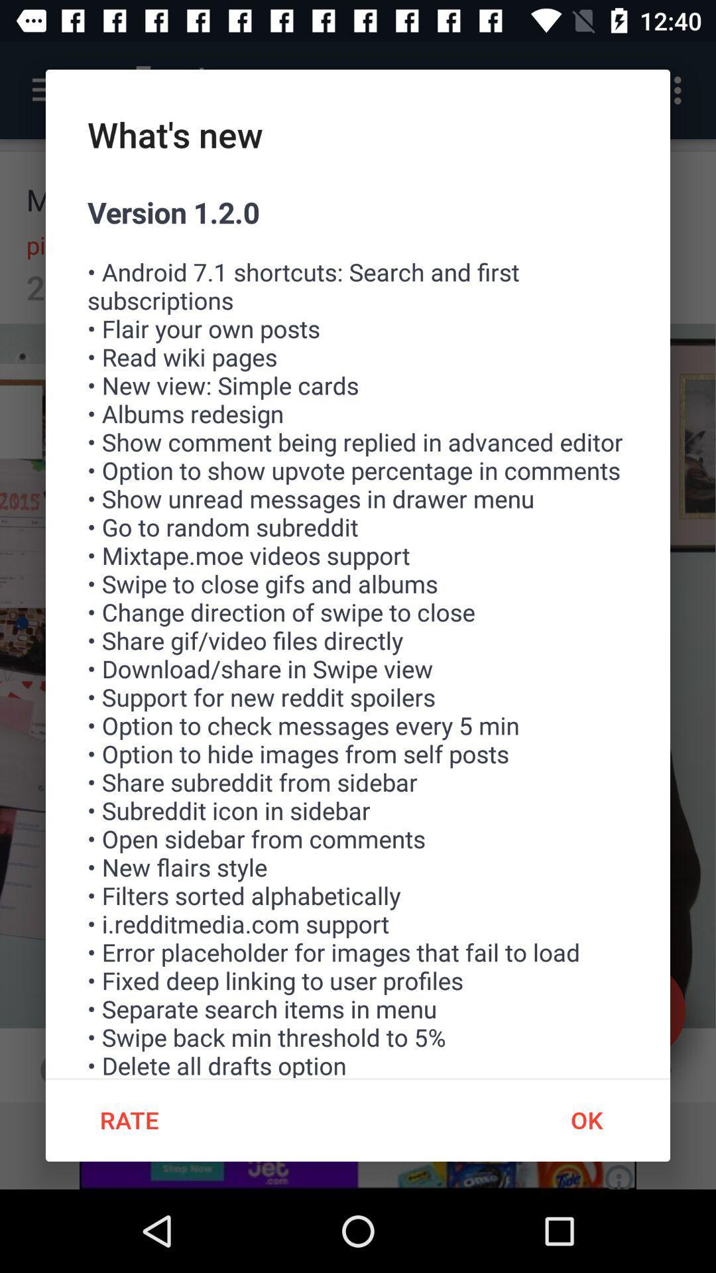 This screenshot has width=716, height=1273. I want to click on icon below version 1 2, so click(585, 1119).